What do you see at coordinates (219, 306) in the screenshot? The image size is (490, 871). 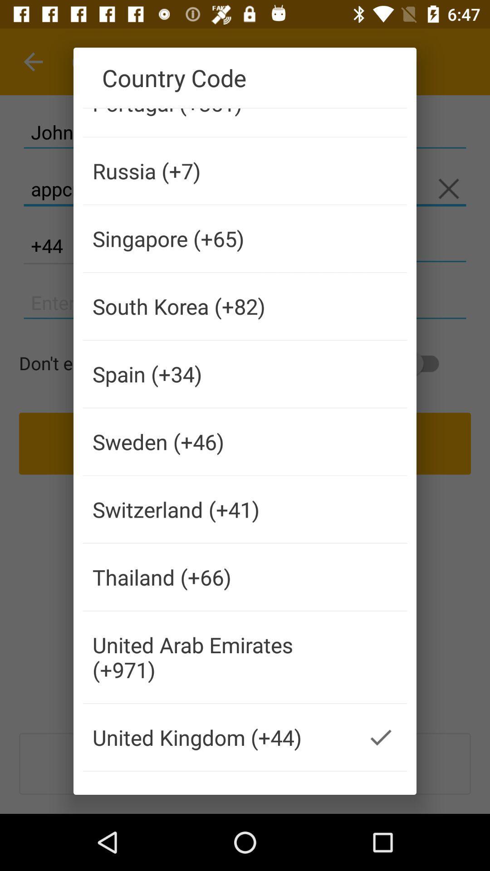 I see `south korea (+82) item` at bounding box center [219, 306].